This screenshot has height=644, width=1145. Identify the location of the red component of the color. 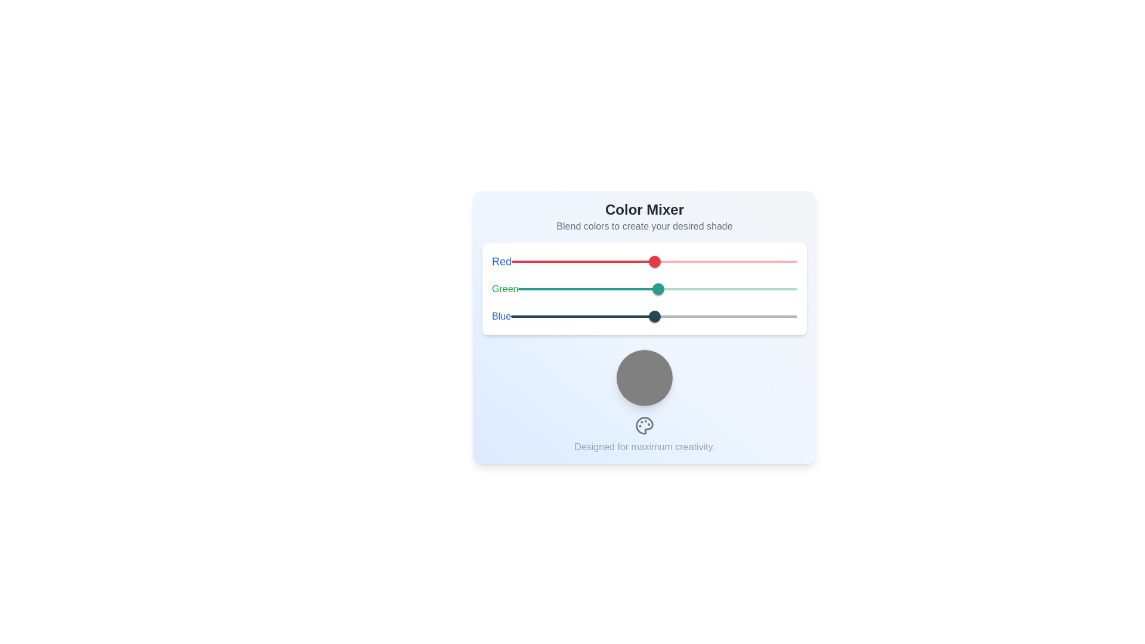
(649, 261).